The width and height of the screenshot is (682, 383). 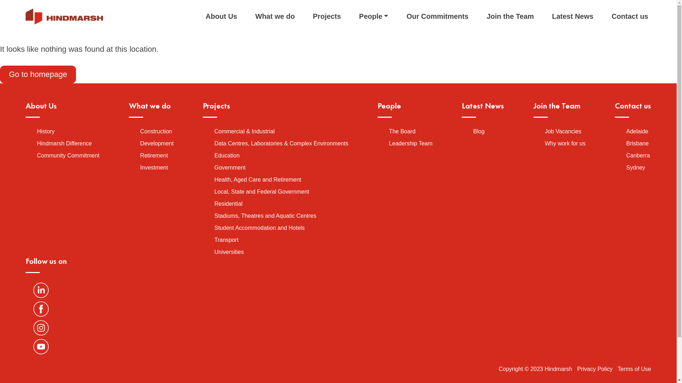 I want to click on 'Data Centres, Laboratories & Complex Environments', so click(x=281, y=143).